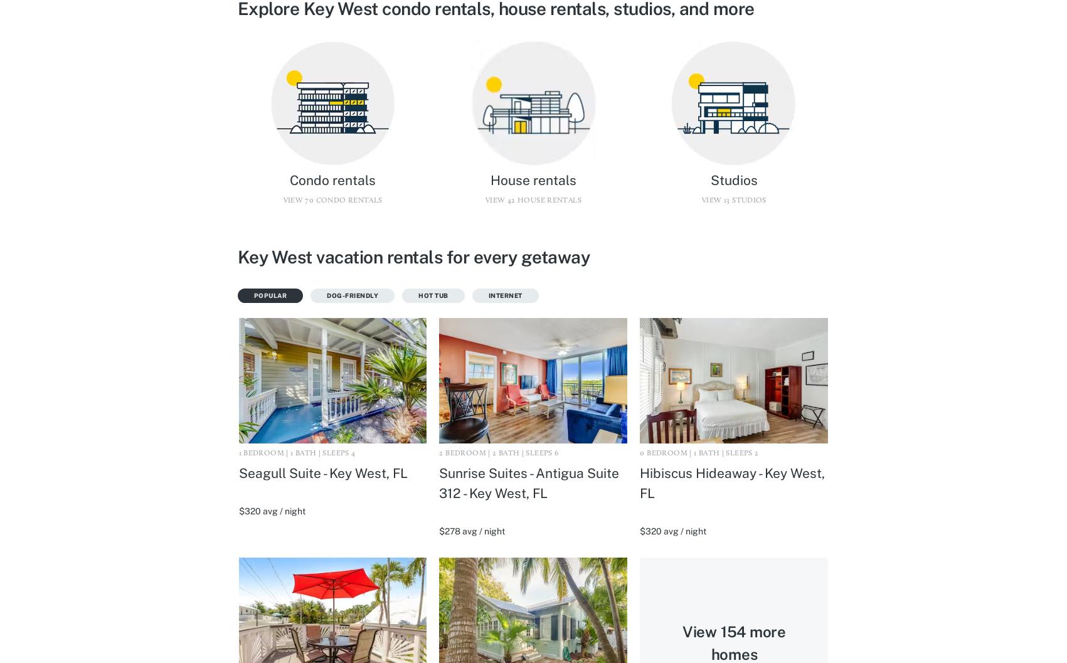 The image size is (1067, 663). I want to click on 'View 42 House rentals', so click(533, 200).